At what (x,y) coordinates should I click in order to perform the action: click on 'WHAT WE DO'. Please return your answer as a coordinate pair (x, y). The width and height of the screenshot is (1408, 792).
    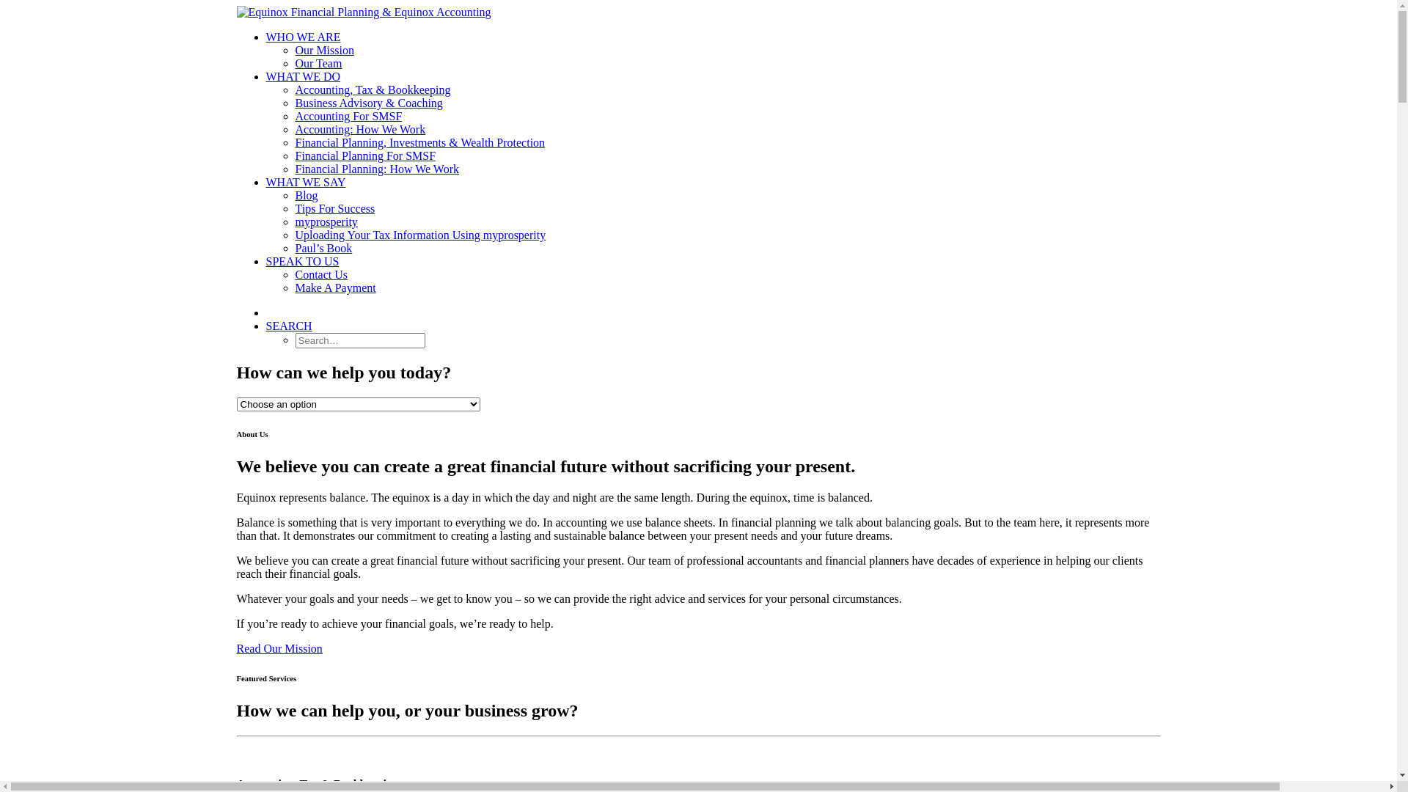
    Looking at the image, I should click on (265, 76).